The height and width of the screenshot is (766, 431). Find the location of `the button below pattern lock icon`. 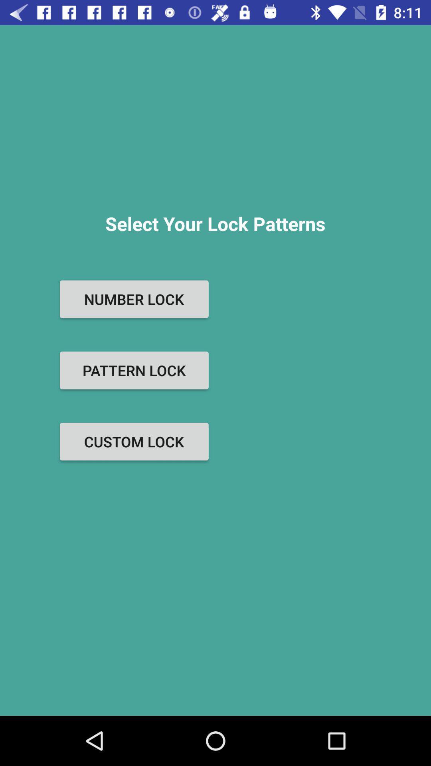

the button below pattern lock icon is located at coordinates (134, 441).